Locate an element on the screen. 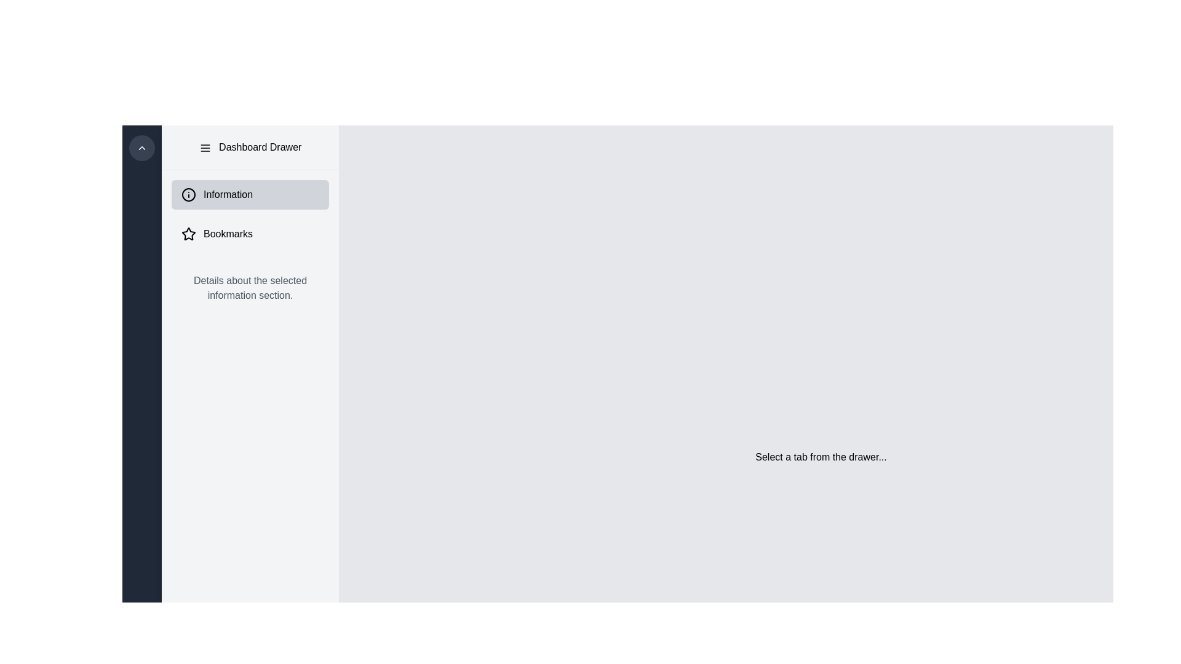 The image size is (1181, 664). the star-shaped outline icon with no fill that is part of the left-aligned menu option labeled 'Bookmarks' is located at coordinates (188, 234).